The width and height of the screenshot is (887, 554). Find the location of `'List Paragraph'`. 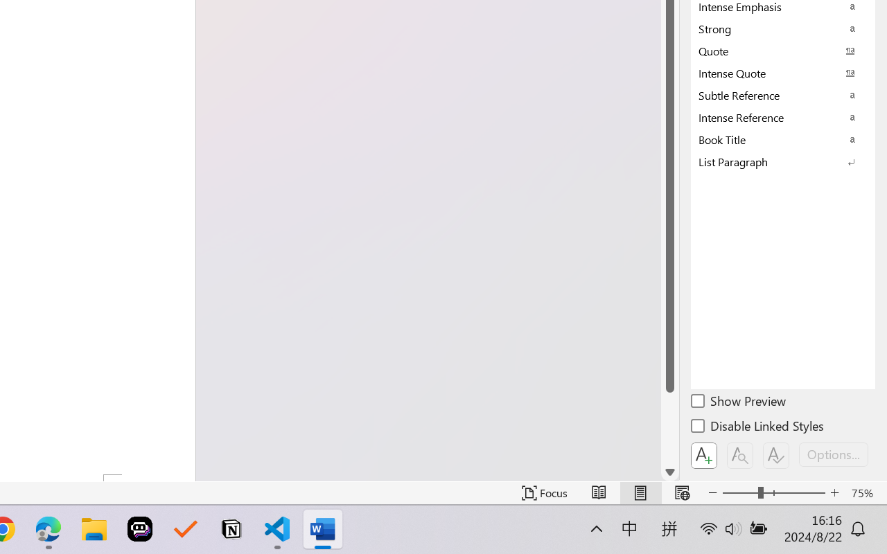

'List Paragraph' is located at coordinates (783, 161).